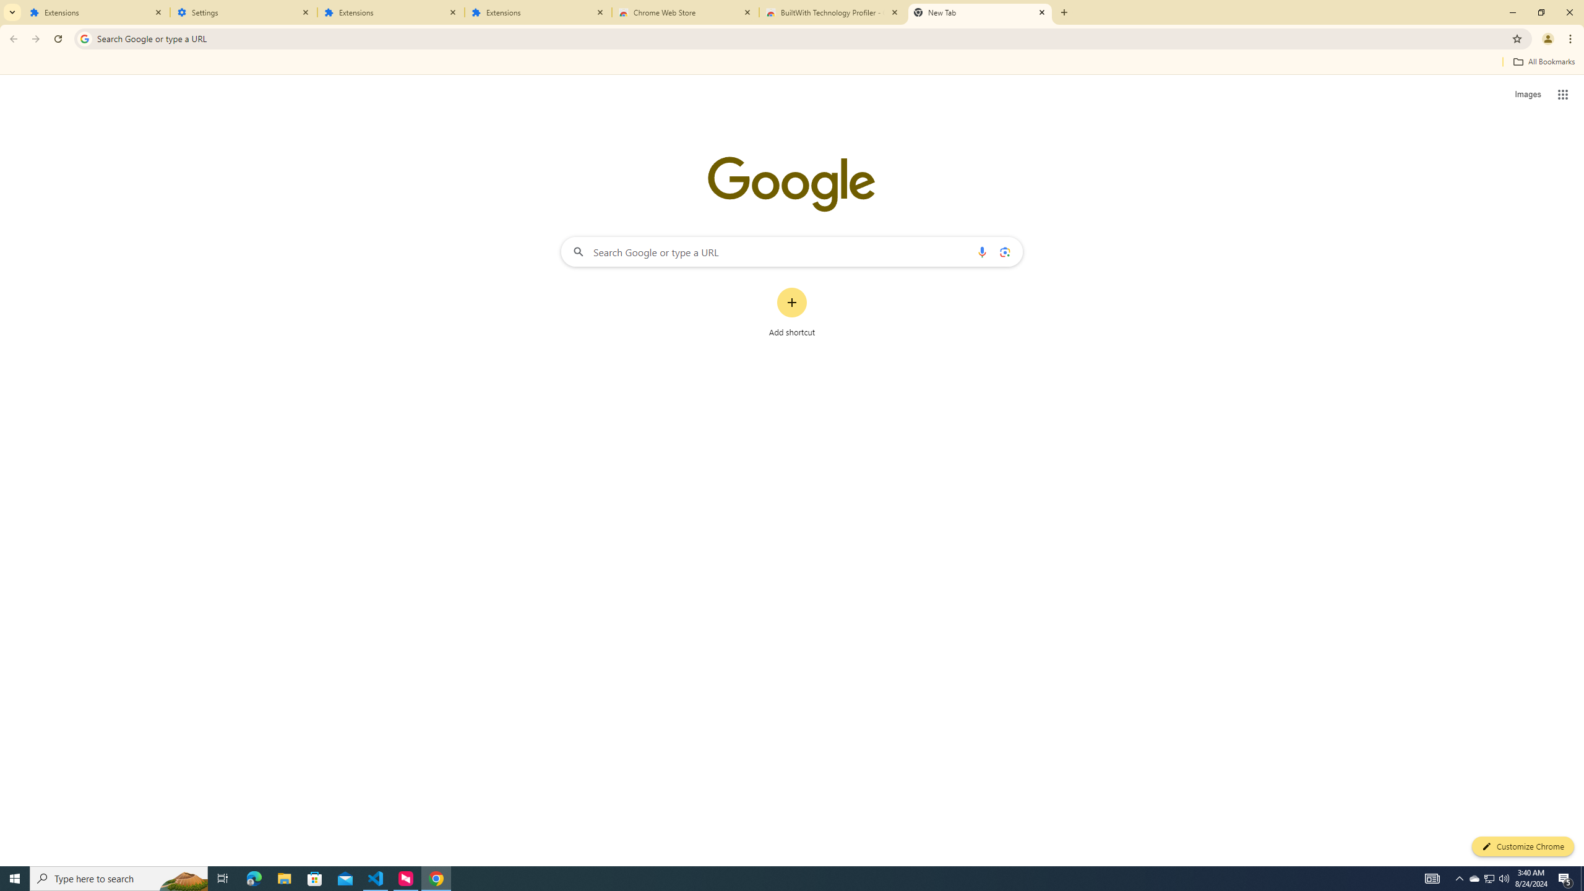 This screenshot has width=1584, height=891. What do you see at coordinates (1543, 61) in the screenshot?
I see `'All Bookmarks'` at bounding box center [1543, 61].